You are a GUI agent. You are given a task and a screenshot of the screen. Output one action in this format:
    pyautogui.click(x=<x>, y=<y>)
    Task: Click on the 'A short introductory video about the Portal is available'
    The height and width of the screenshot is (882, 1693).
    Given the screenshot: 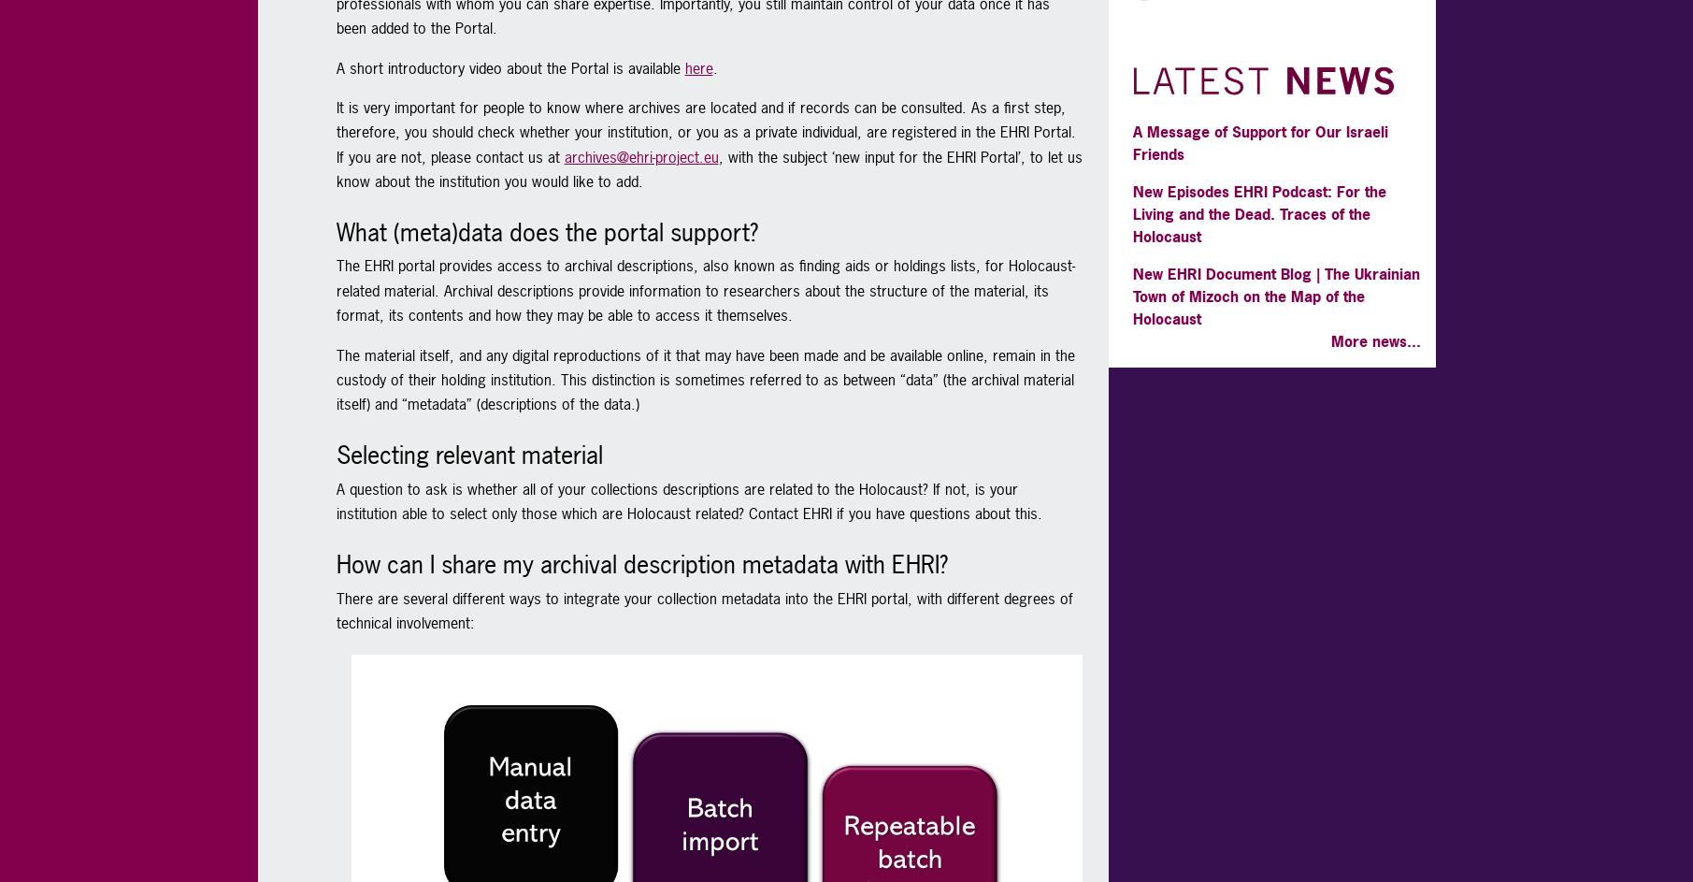 What is the action you would take?
    pyautogui.click(x=509, y=66)
    